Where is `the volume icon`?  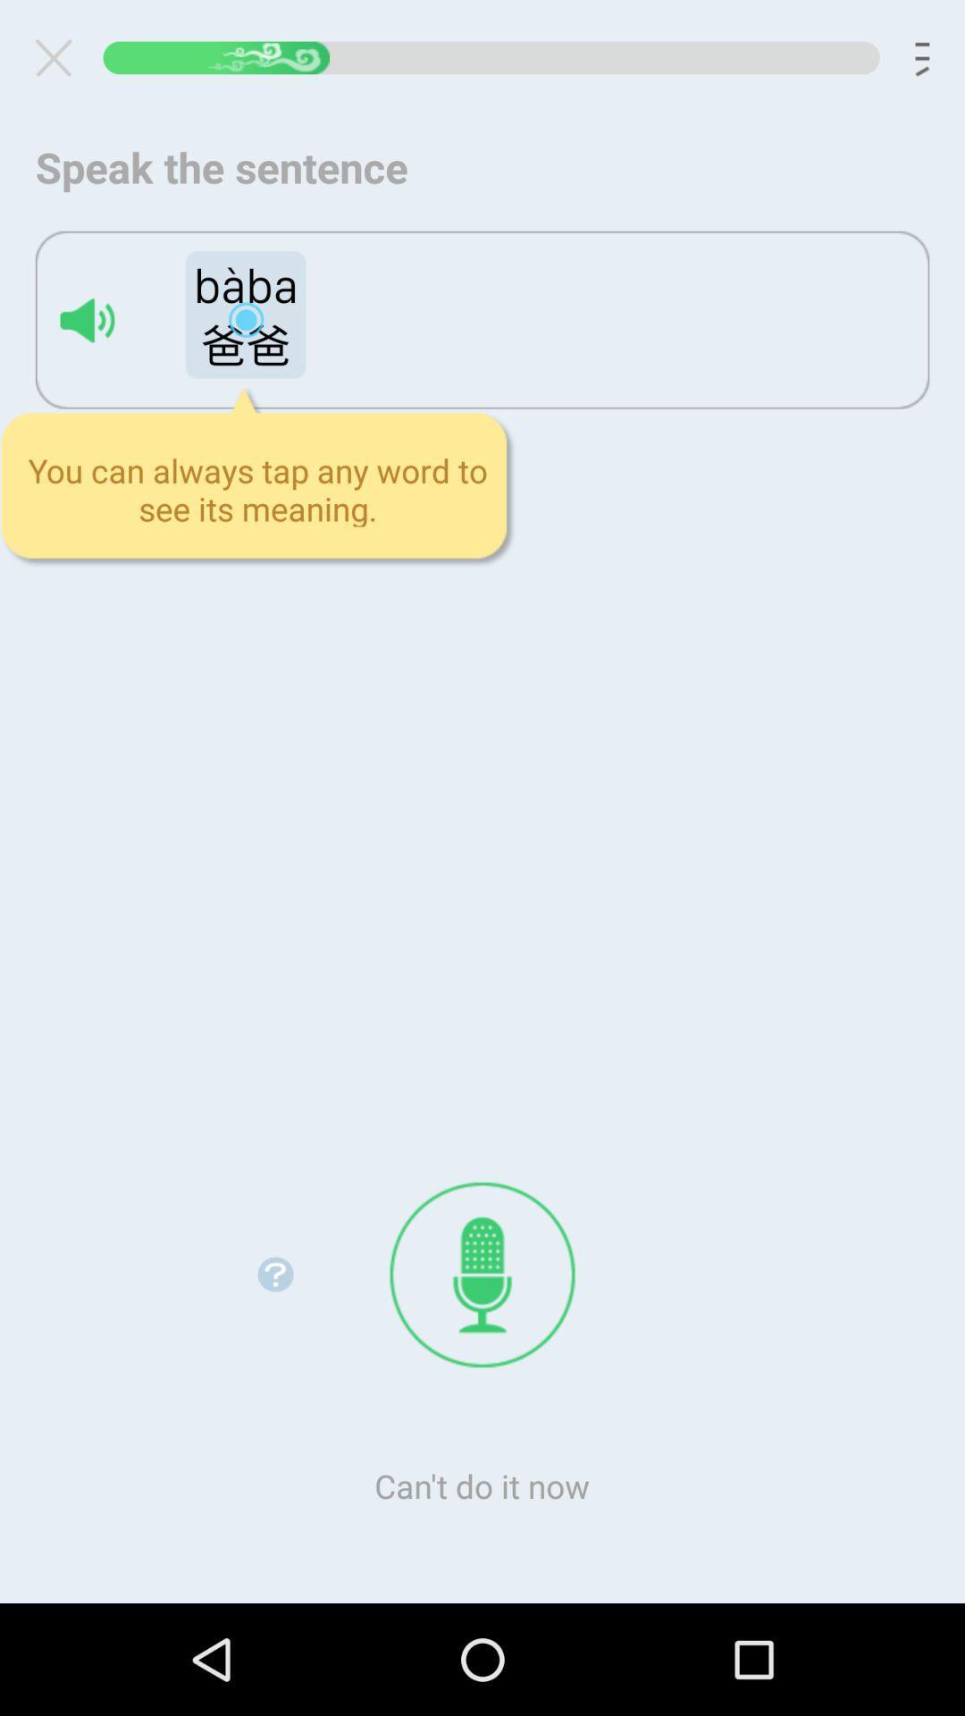
the volume icon is located at coordinates (87, 342).